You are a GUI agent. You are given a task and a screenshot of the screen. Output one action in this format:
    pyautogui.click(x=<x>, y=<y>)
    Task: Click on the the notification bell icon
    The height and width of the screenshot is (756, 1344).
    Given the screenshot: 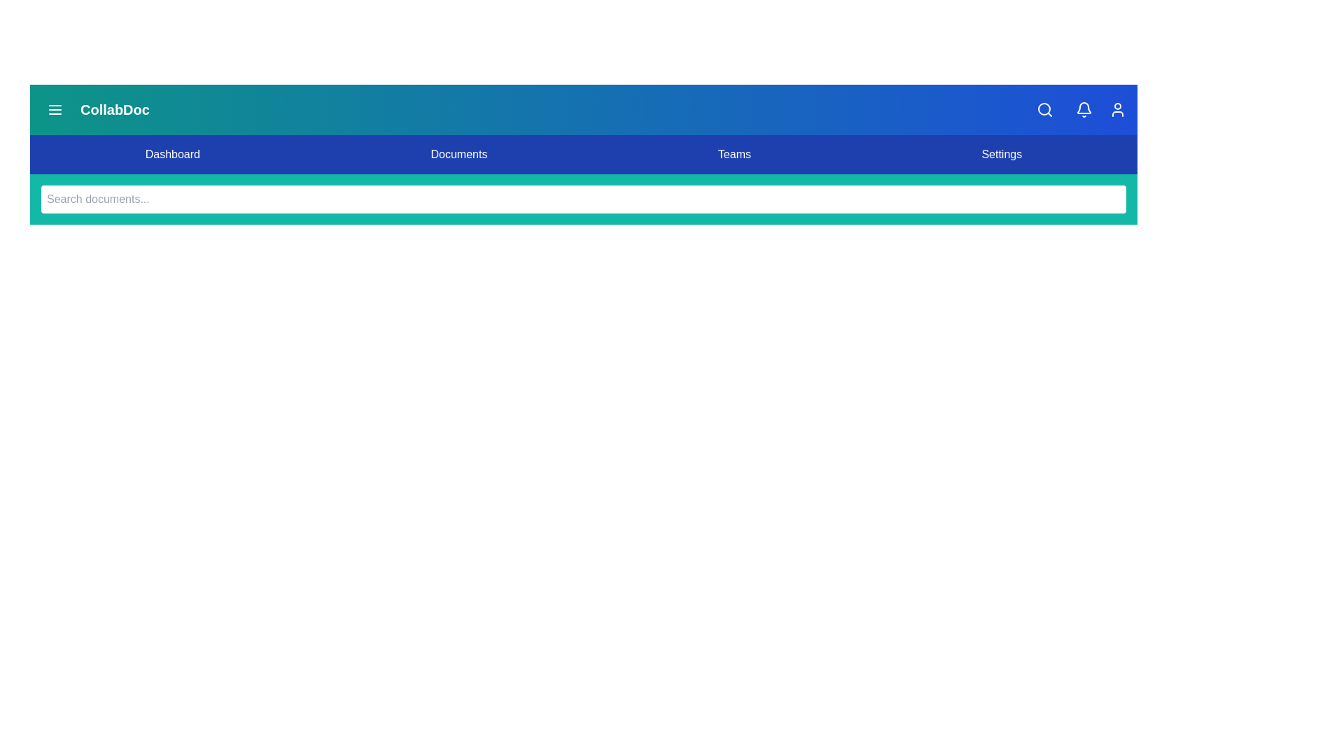 What is the action you would take?
    pyautogui.click(x=1084, y=109)
    